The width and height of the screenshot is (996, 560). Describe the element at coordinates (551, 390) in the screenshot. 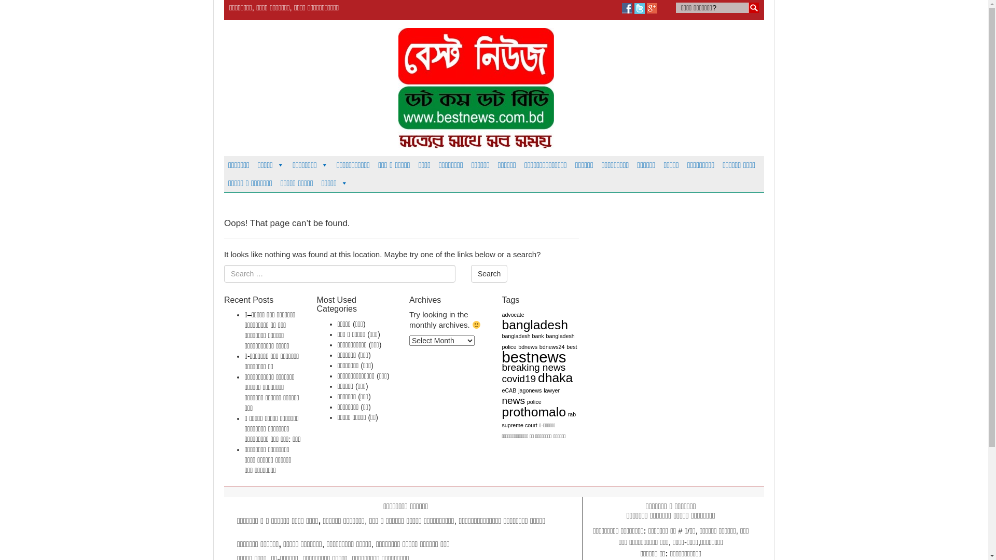

I see `'lawyer'` at that location.